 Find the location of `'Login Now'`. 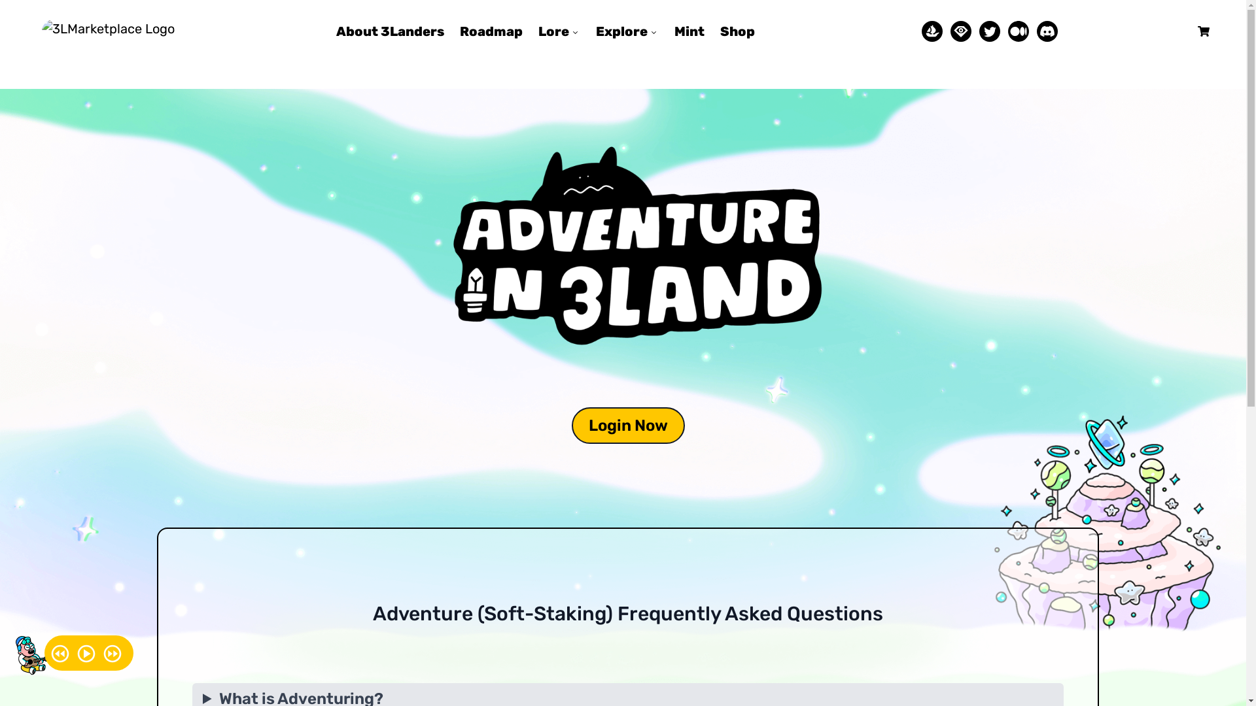

'Login Now' is located at coordinates (628, 426).